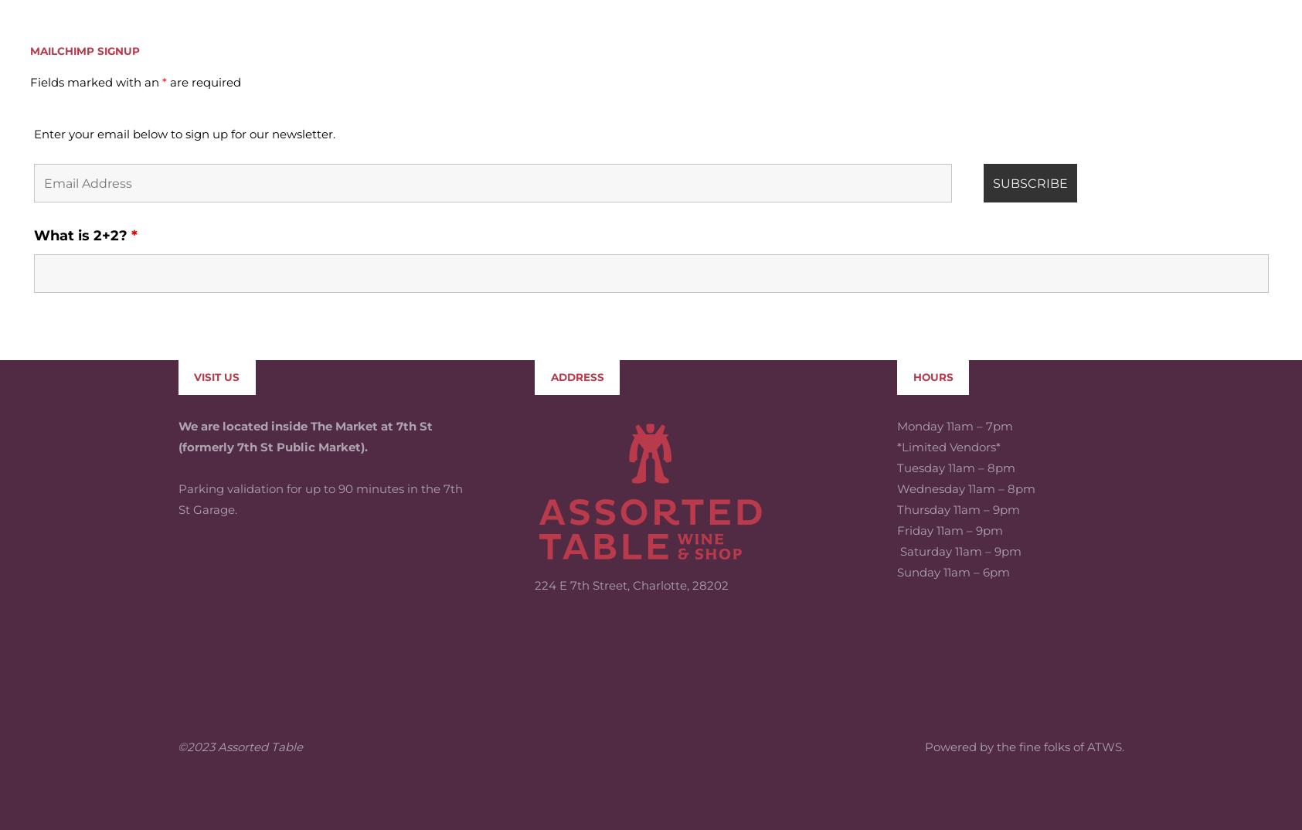 The width and height of the screenshot is (1302, 830). Describe the element at coordinates (32, 20) in the screenshot. I see `'Enter your email below to sign up for our newsletter.'` at that location.